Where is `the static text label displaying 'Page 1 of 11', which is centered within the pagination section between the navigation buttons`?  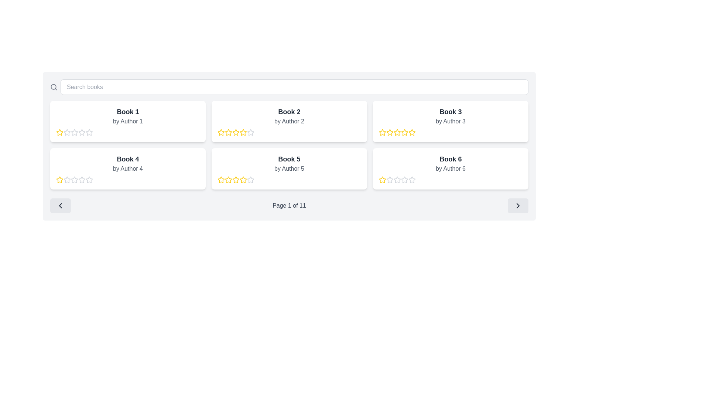 the static text label displaying 'Page 1 of 11', which is centered within the pagination section between the navigation buttons is located at coordinates (289, 205).